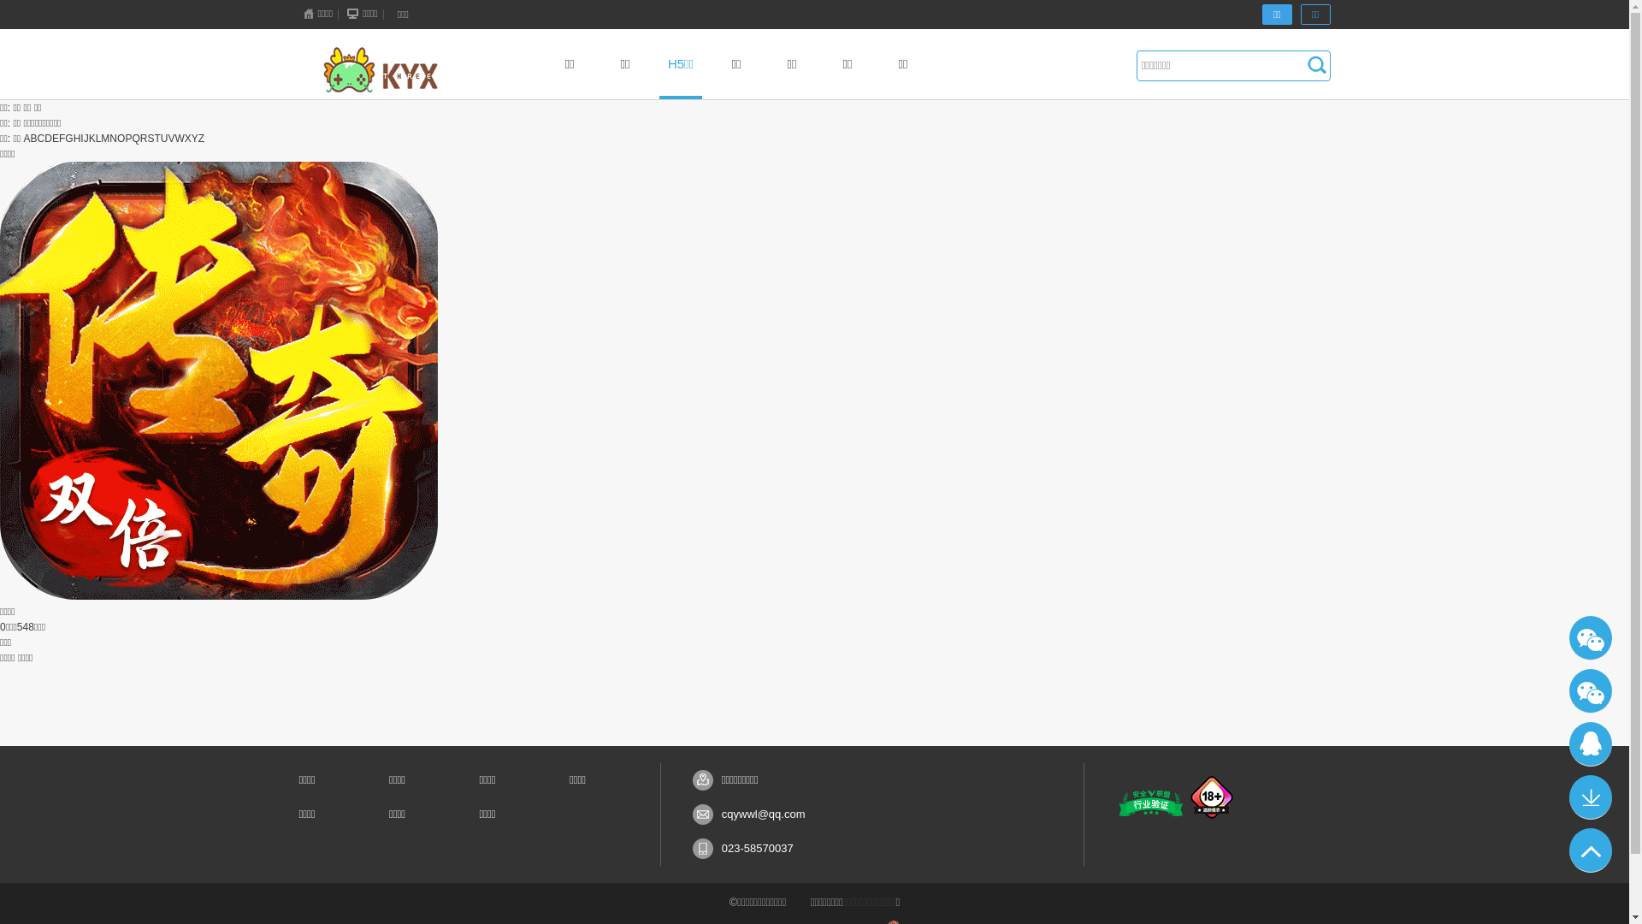 This screenshot has height=924, width=1642. What do you see at coordinates (62, 138) in the screenshot?
I see `'F'` at bounding box center [62, 138].